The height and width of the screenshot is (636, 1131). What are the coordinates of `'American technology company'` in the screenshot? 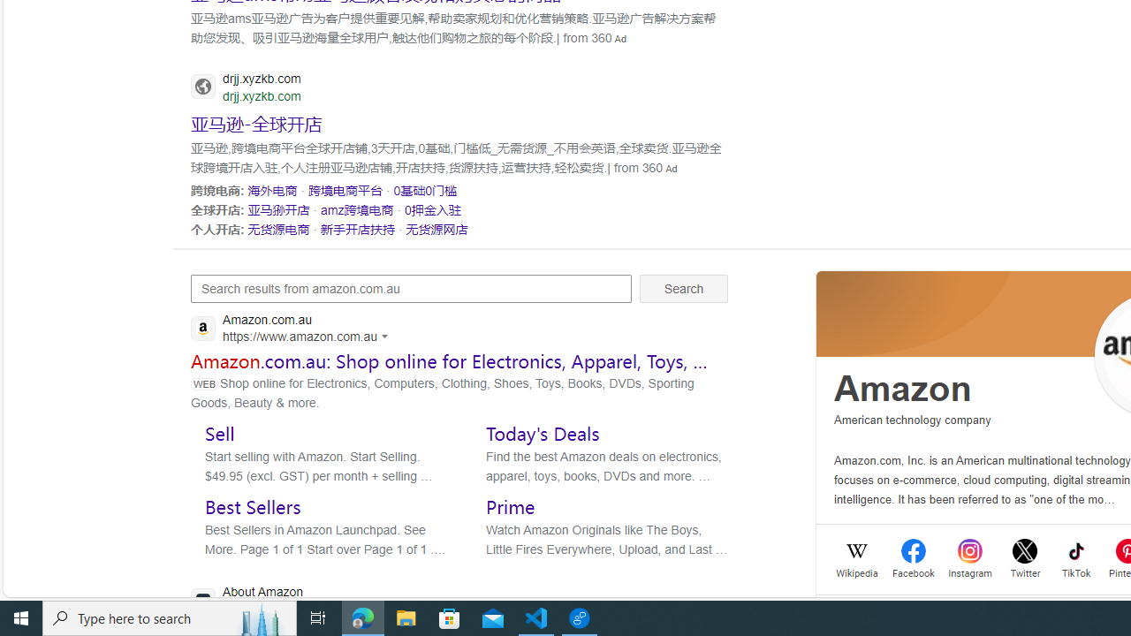 It's located at (913, 420).